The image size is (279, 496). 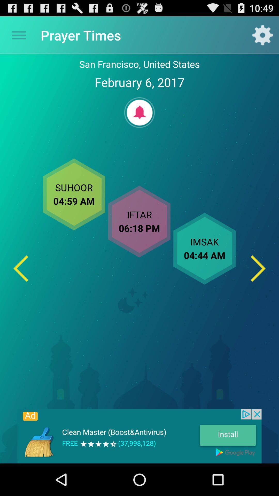 What do you see at coordinates (139, 112) in the screenshot?
I see `bell icon` at bounding box center [139, 112].